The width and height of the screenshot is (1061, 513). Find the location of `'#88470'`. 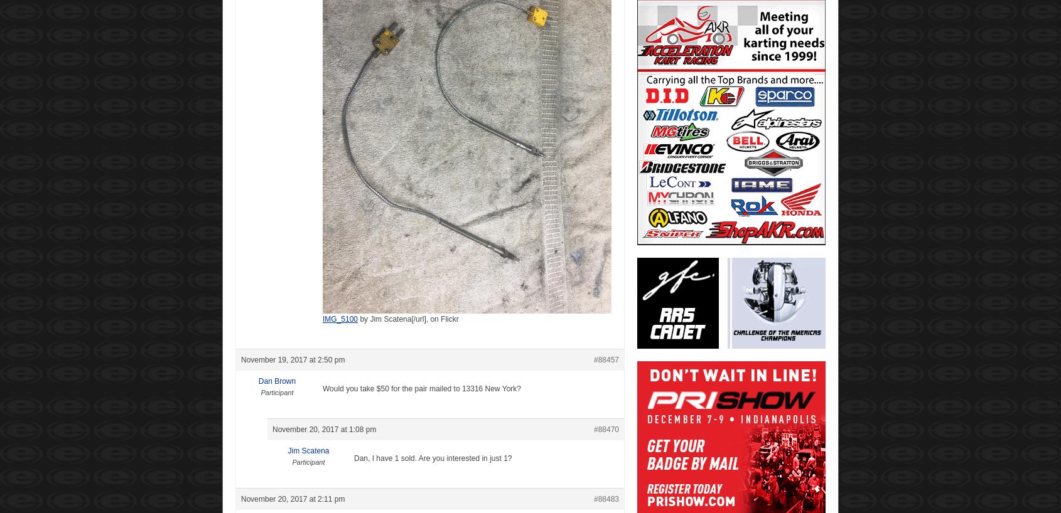

'#88470' is located at coordinates (606, 428).